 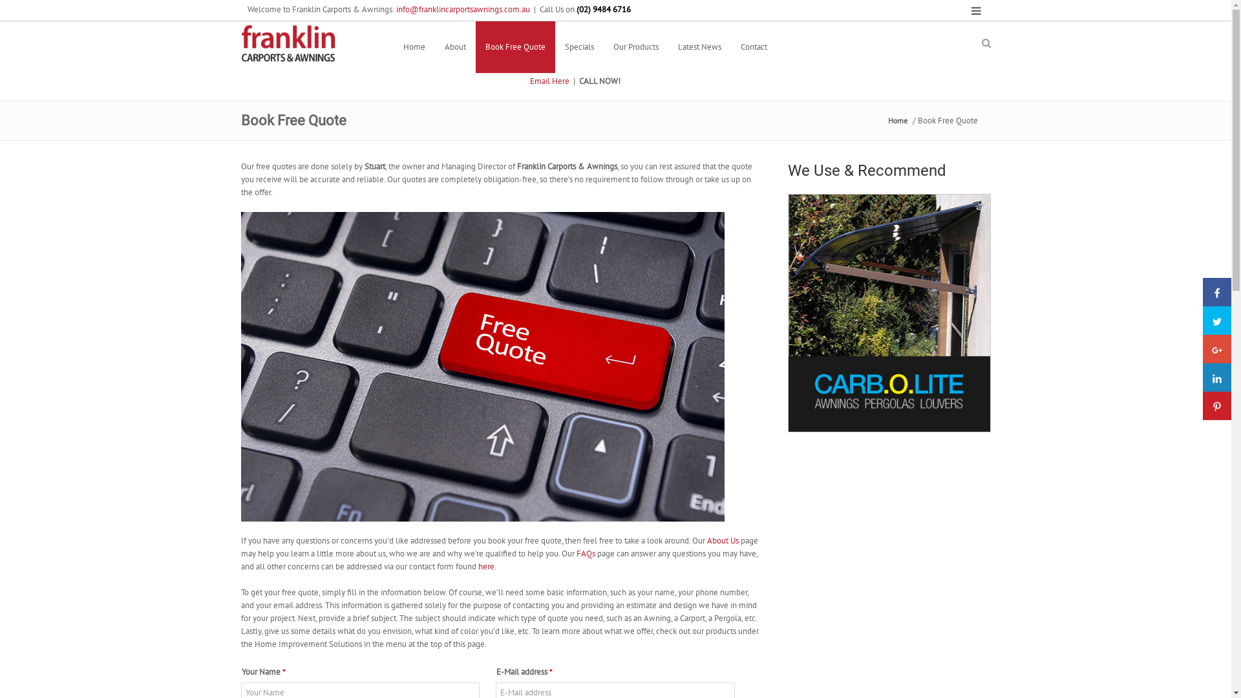 I want to click on 'Latest News', so click(x=668, y=47).